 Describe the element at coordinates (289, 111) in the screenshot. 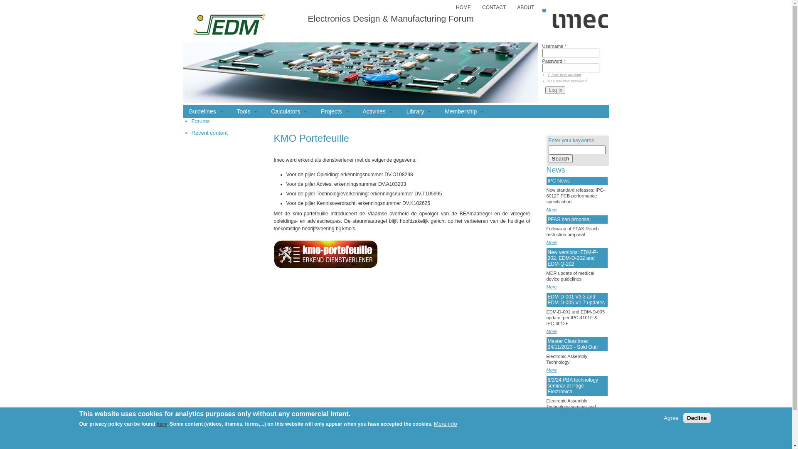

I see `'Calculators'` at that location.